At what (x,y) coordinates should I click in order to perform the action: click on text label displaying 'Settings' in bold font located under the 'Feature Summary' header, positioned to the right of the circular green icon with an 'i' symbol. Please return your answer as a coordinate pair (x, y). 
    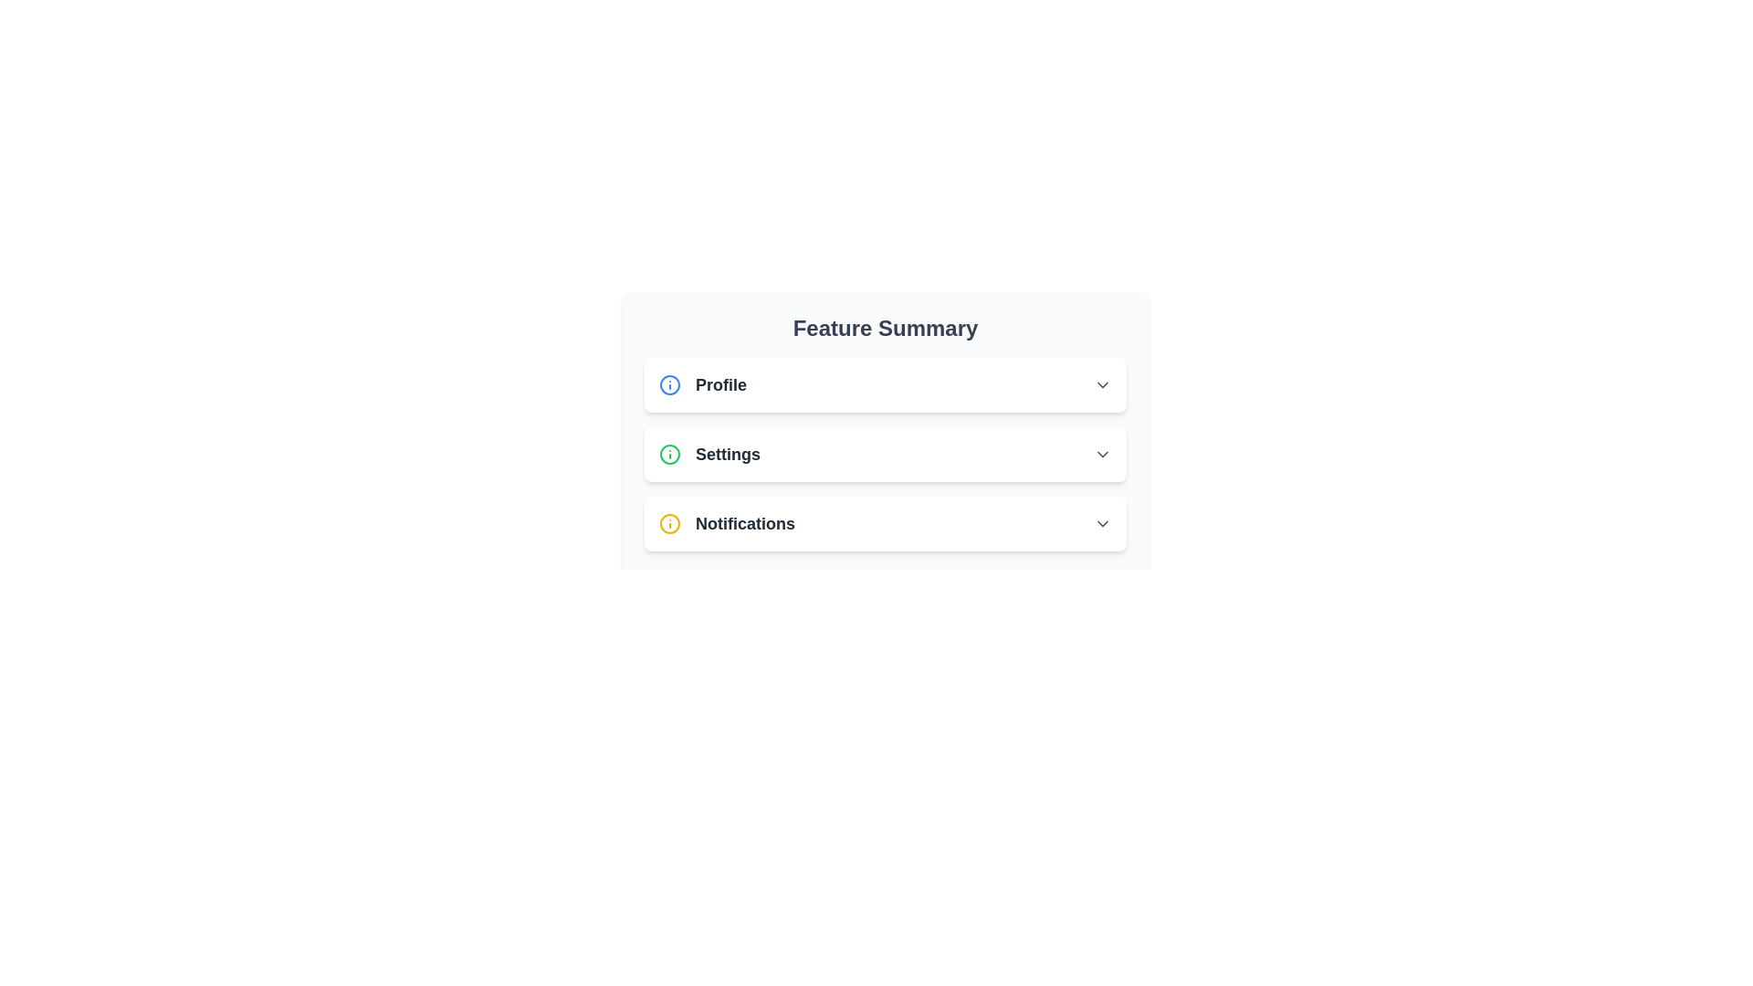
    Looking at the image, I should click on (727, 453).